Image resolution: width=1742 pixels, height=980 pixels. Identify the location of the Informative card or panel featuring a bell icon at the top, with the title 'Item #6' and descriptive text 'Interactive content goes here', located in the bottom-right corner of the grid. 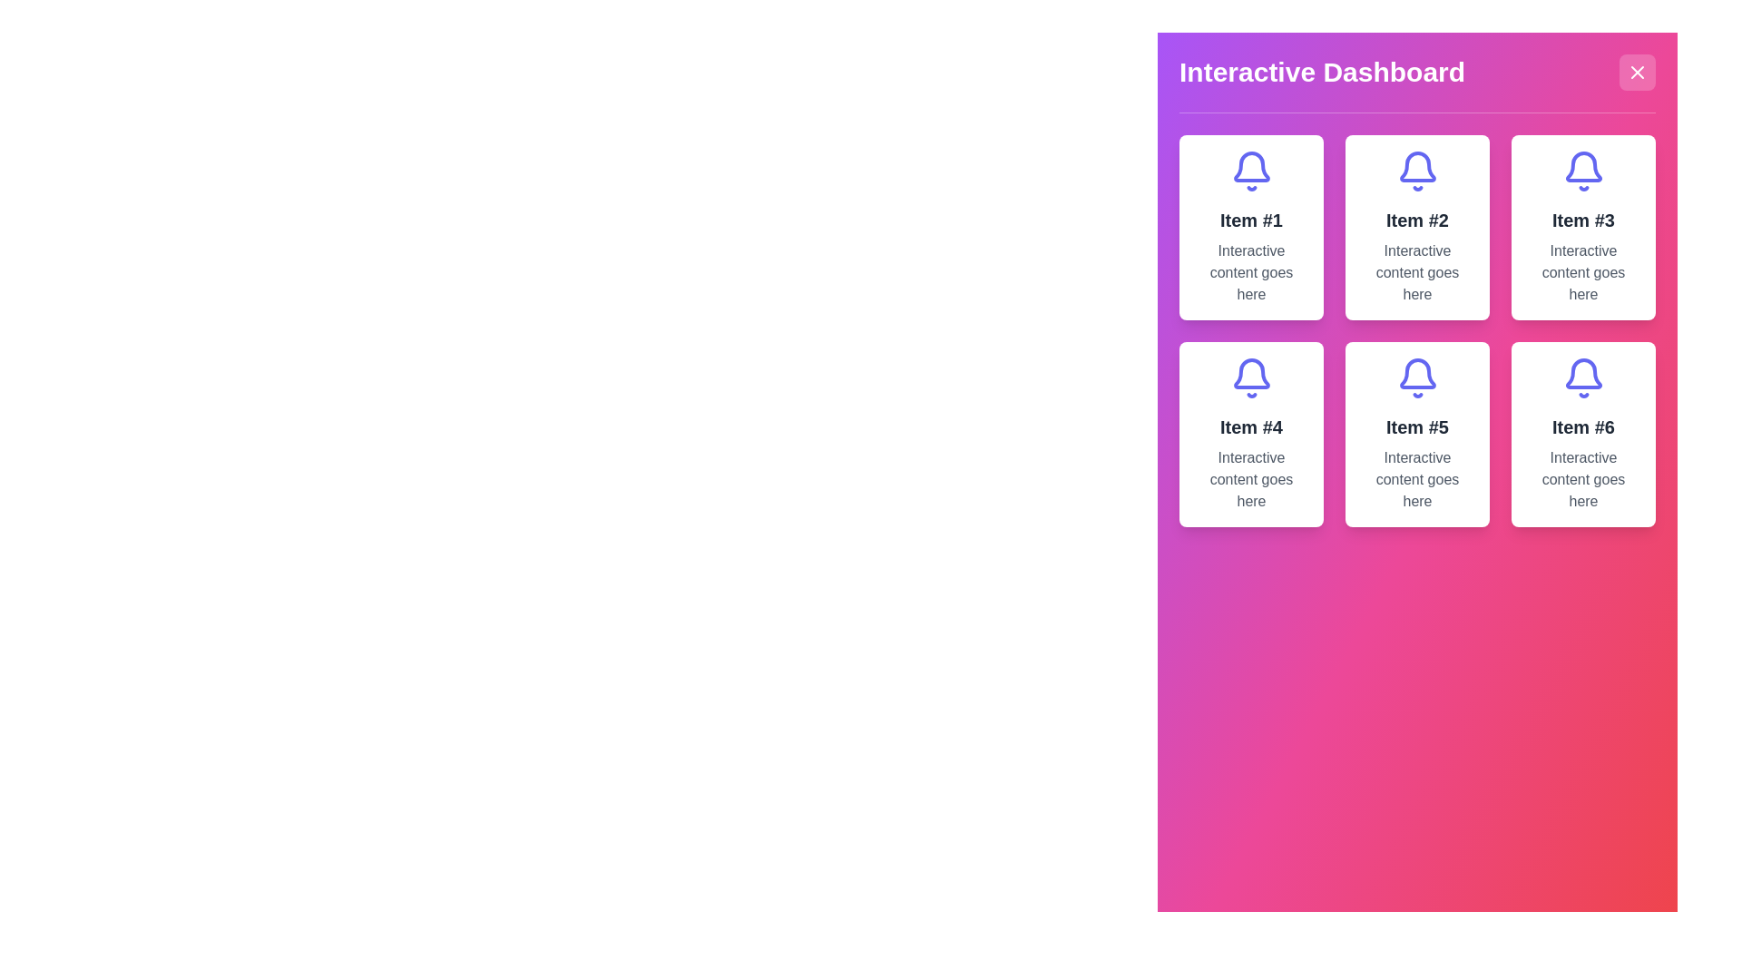
(1582, 434).